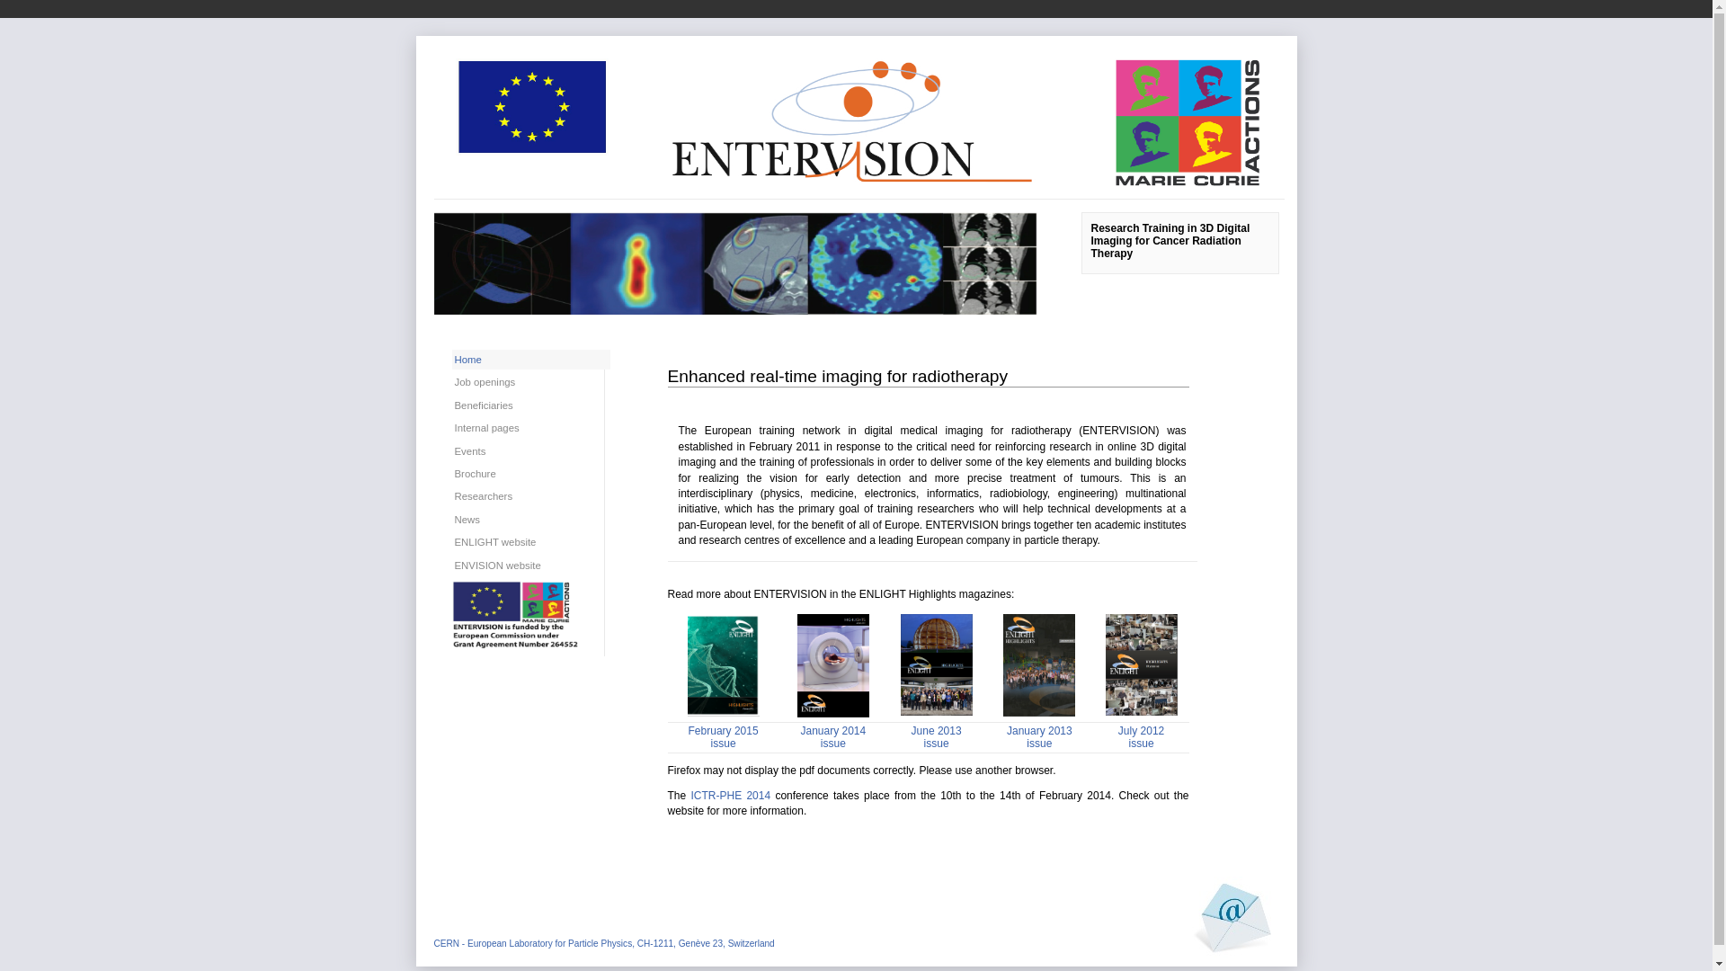  I want to click on 'February 2015 issue', so click(724, 737).